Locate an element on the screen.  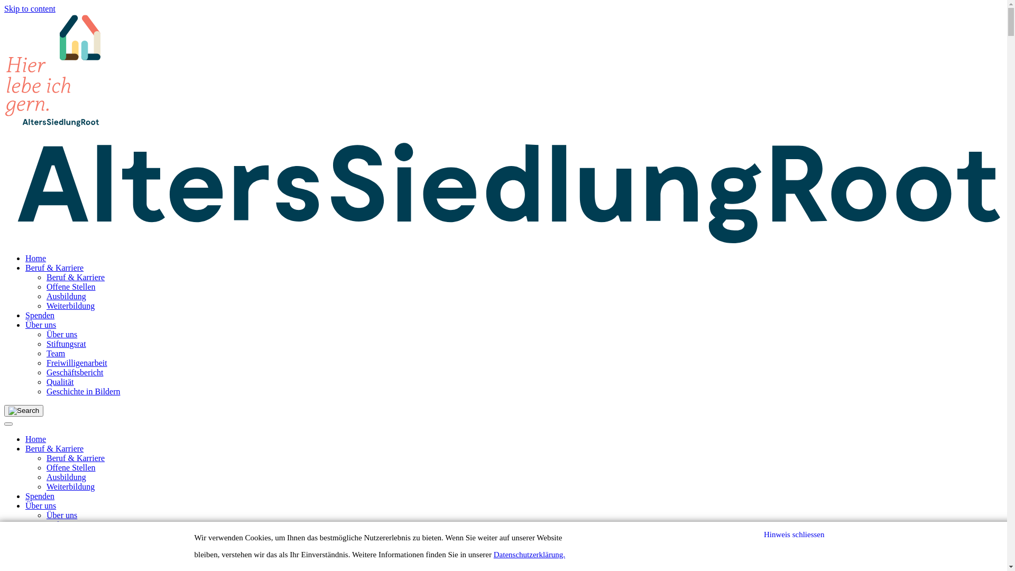
'Skip to content' is located at coordinates (30, 8).